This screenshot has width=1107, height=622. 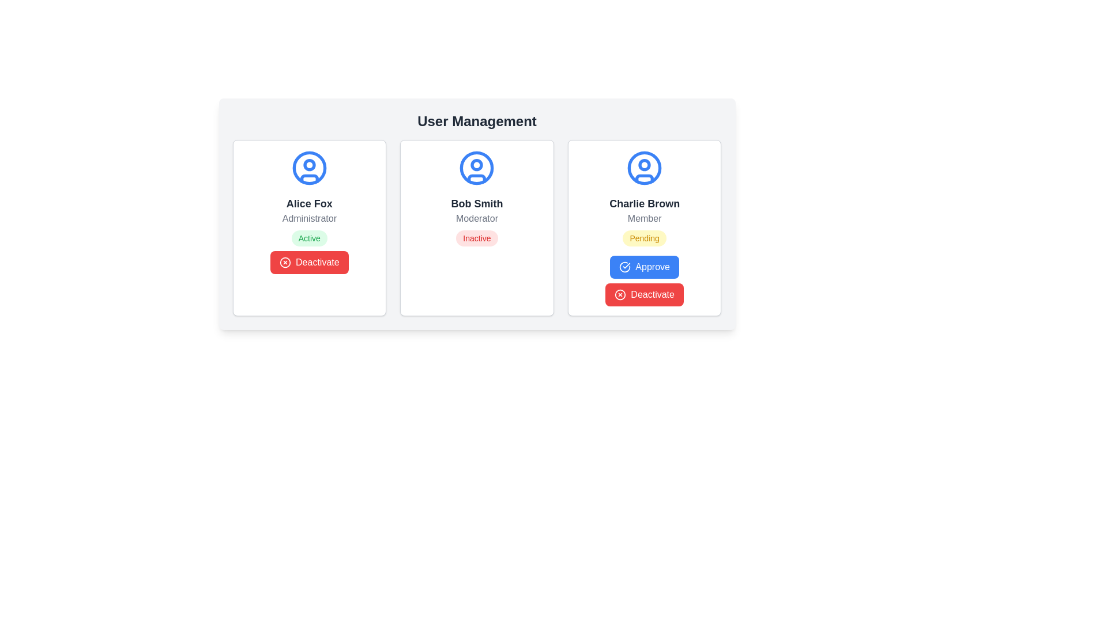 What do you see at coordinates (309, 179) in the screenshot?
I see `the bottom part of the user icon representing 'Alice Fox' by moving the cursor to its center` at bounding box center [309, 179].